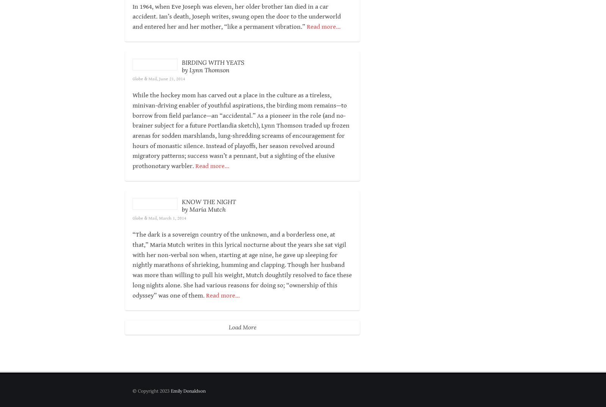 This screenshot has width=606, height=407. I want to click on 'Maria Mutch writes in this lyrical nocturne about the years she sat vigil with her non-verbal son when, starting at age nine, he gave up sleeping for nightly marathons of shrieking, humming and clapping. Though her husband was more than willing to pull his weight, Mutch doughtily resolved to face these long nights alone. She had various reasons for doing so; “ownership of this odyssey” was one of them.', so click(242, 305).